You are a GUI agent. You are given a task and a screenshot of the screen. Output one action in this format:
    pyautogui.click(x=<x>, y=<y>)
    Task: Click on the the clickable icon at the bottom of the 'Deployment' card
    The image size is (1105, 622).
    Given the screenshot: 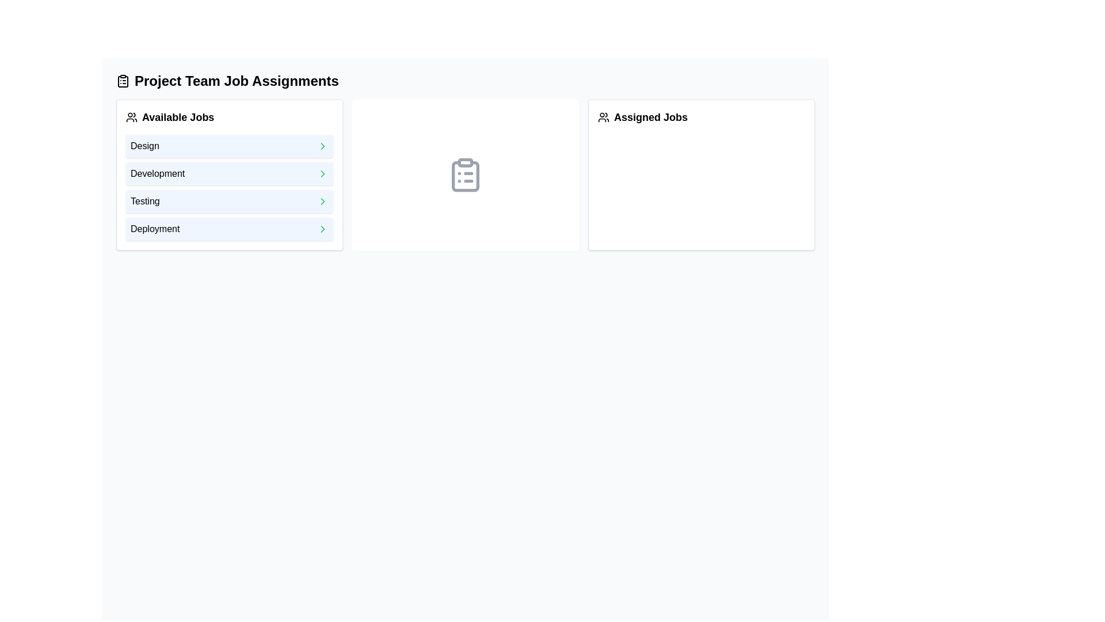 What is the action you would take?
    pyautogui.click(x=322, y=229)
    